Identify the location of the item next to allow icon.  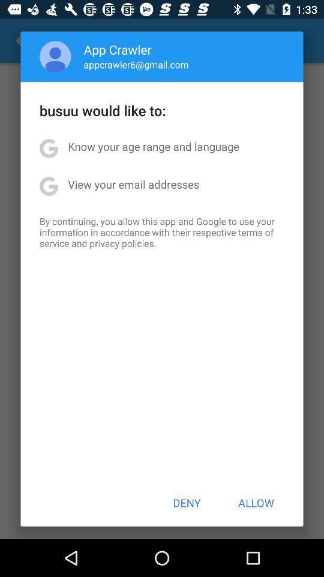
(187, 502).